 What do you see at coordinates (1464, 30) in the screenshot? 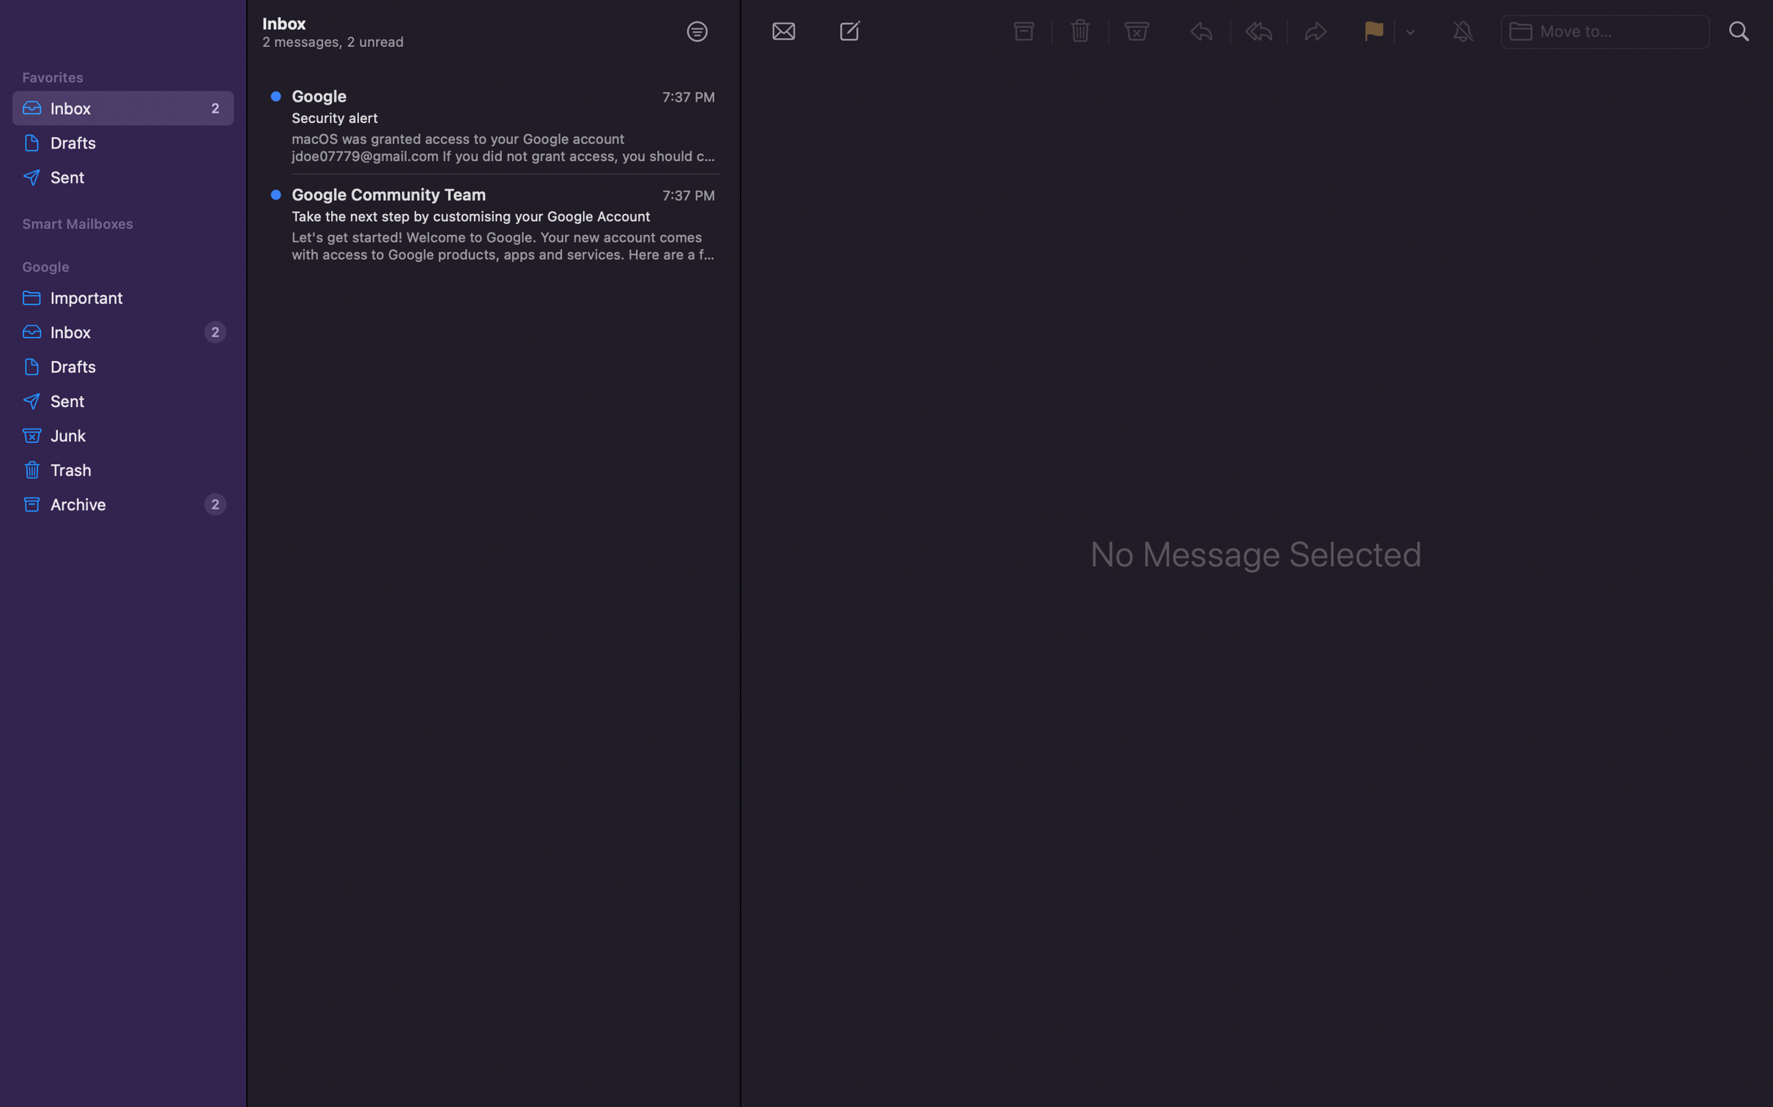
I see `Turn off the sound for the current discussion` at bounding box center [1464, 30].